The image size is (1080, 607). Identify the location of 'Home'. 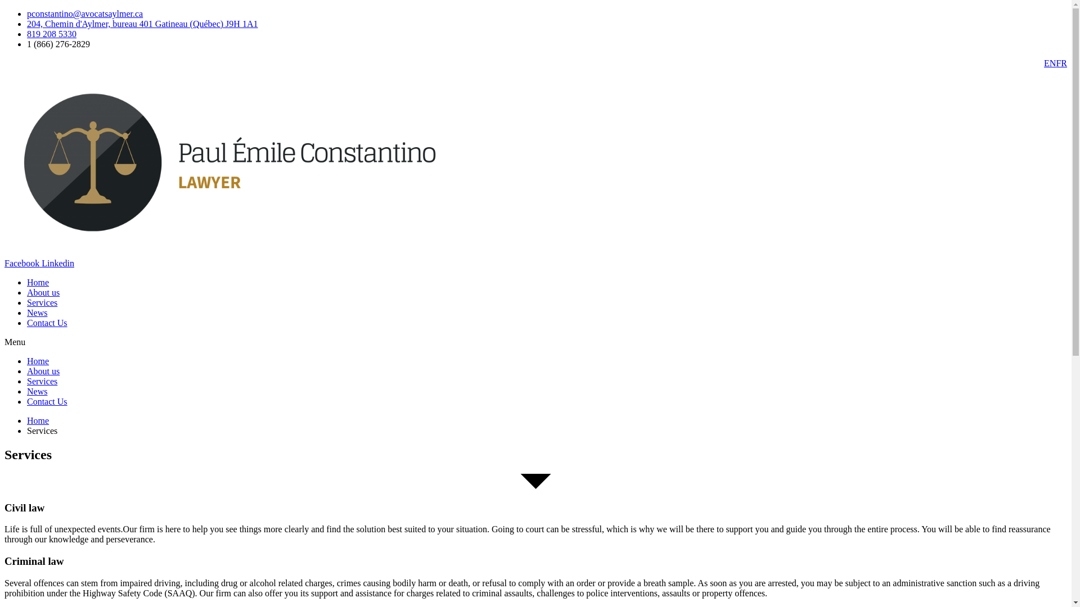
(38, 361).